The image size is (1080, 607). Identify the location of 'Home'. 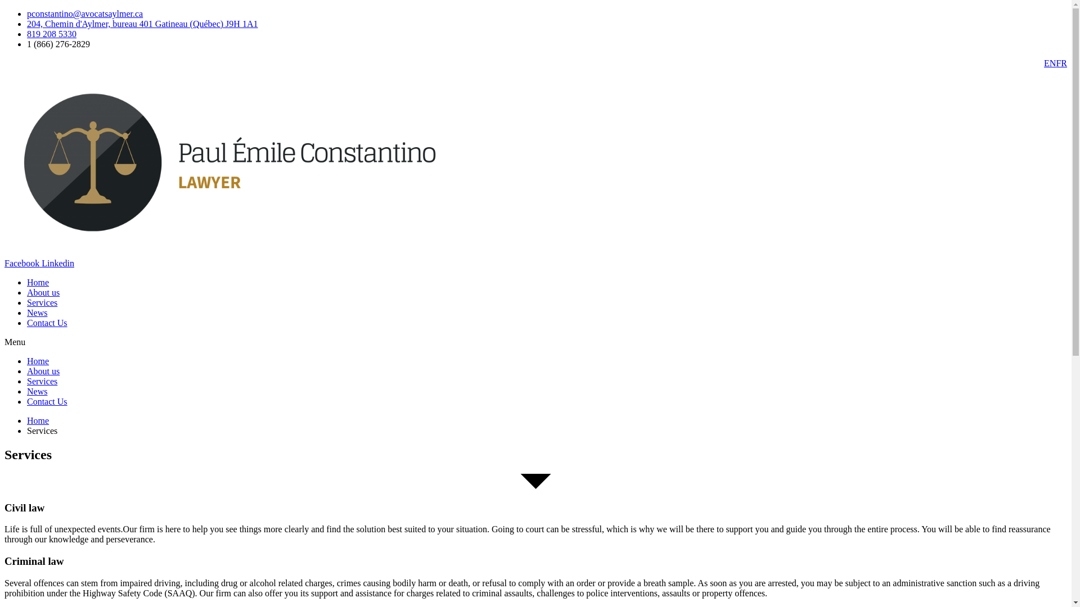
(38, 361).